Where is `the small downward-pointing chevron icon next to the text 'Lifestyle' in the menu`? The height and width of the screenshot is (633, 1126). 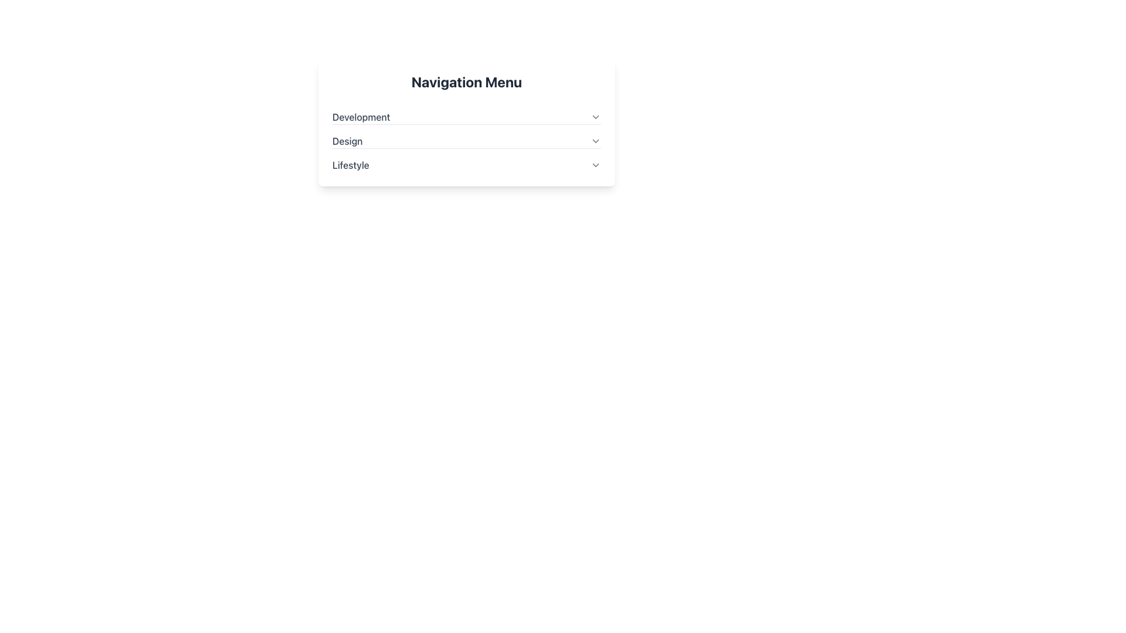
the small downward-pointing chevron icon next to the text 'Lifestyle' in the menu is located at coordinates (596, 165).